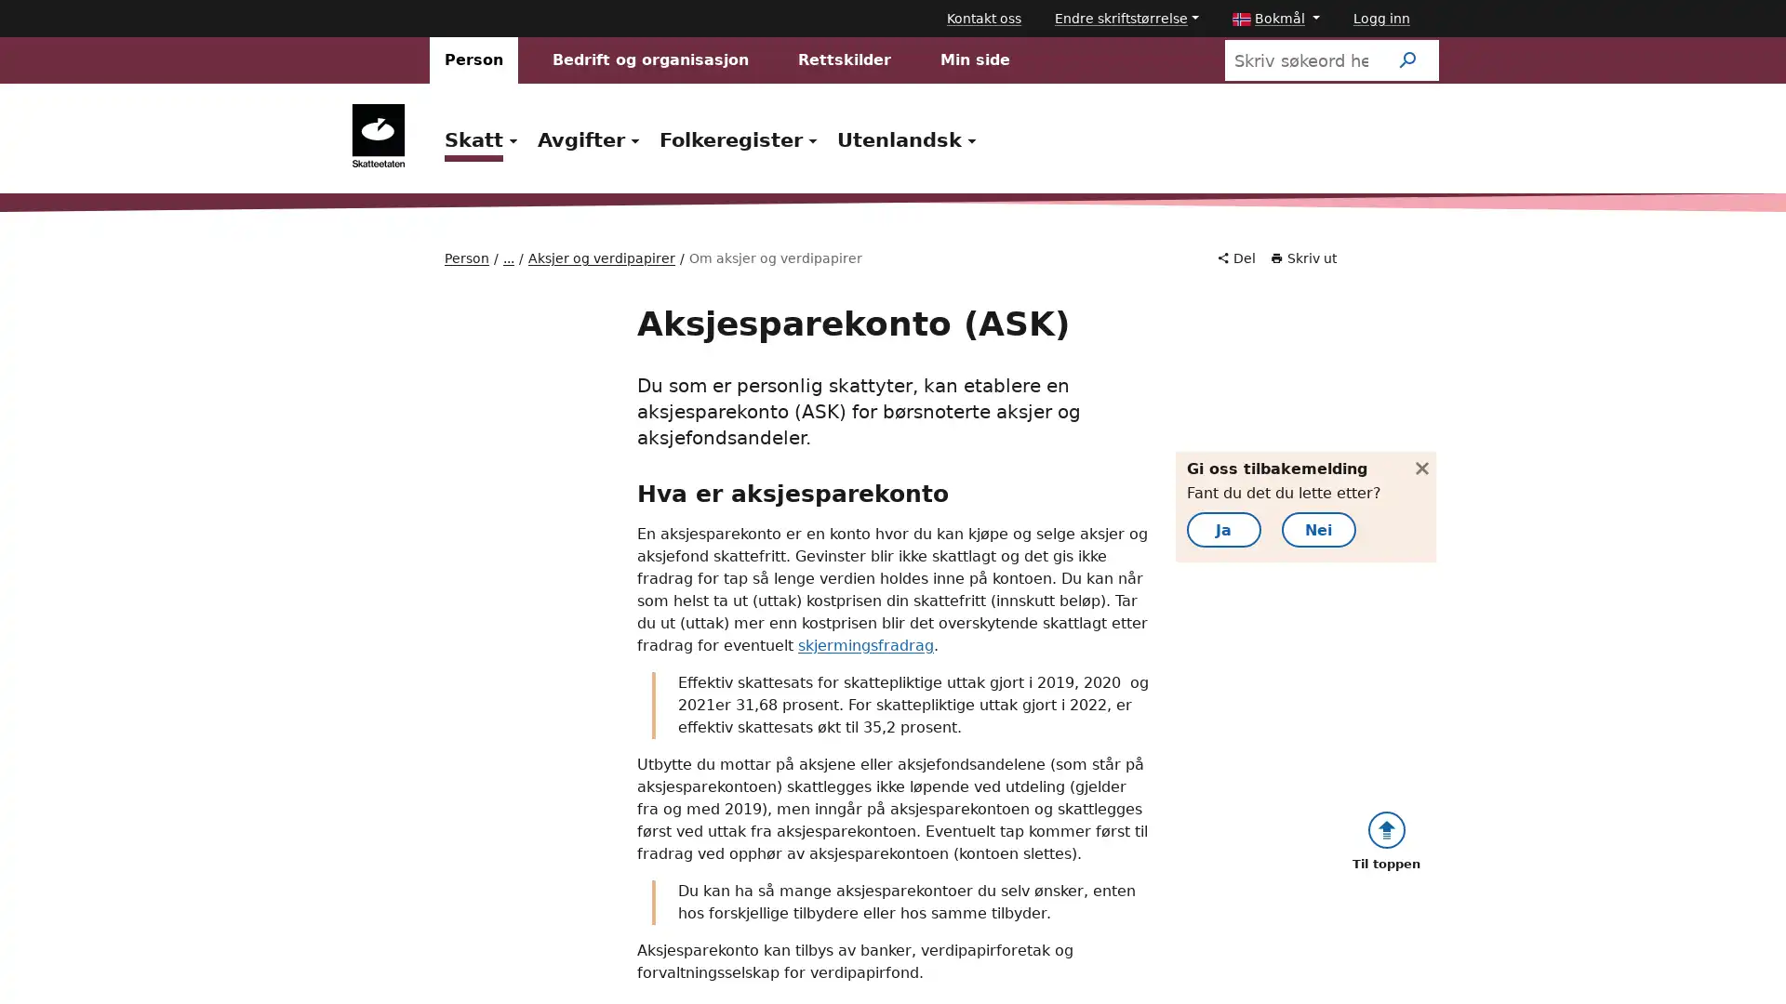  Describe the element at coordinates (650, 59) in the screenshot. I see `Bedrift og organisasjon` at that location.